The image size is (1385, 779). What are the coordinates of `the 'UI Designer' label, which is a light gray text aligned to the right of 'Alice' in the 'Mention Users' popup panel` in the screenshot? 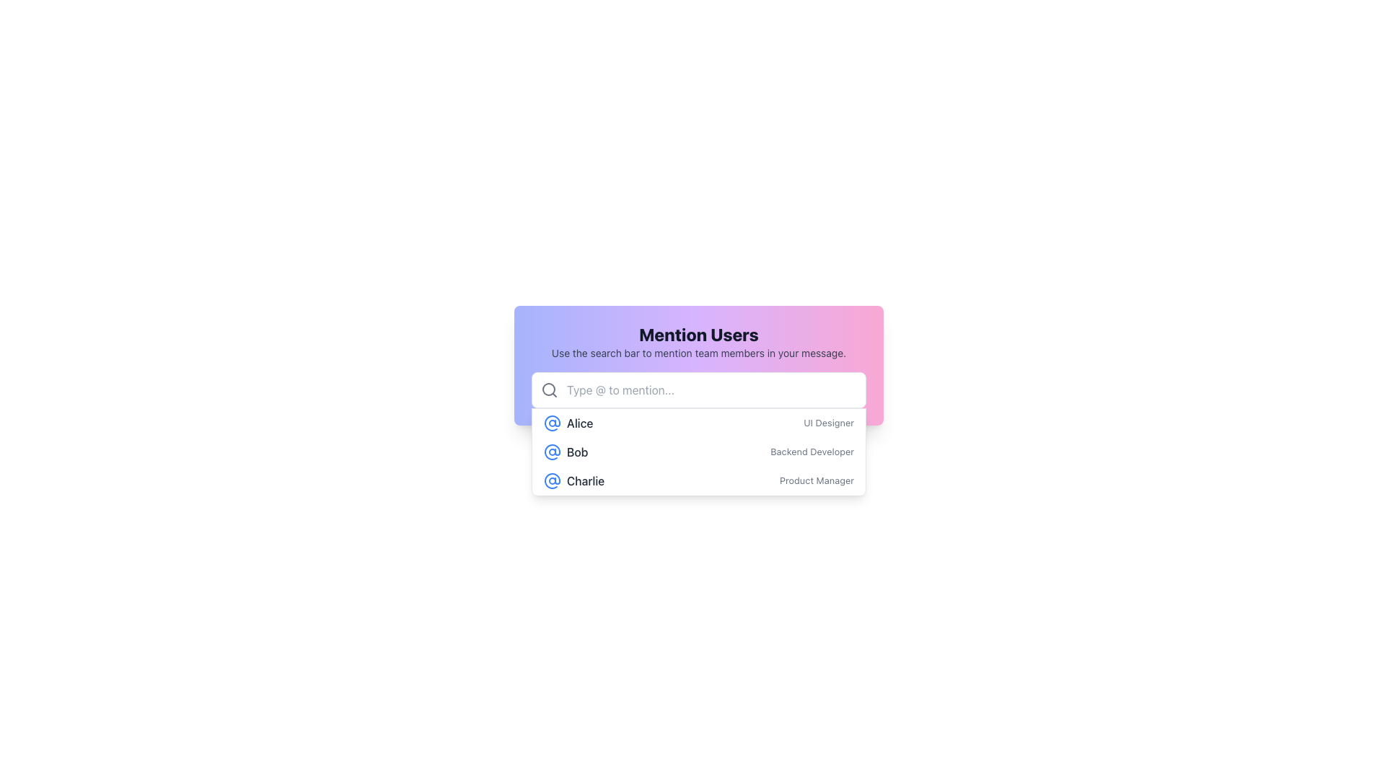 It's located at (829, 422).